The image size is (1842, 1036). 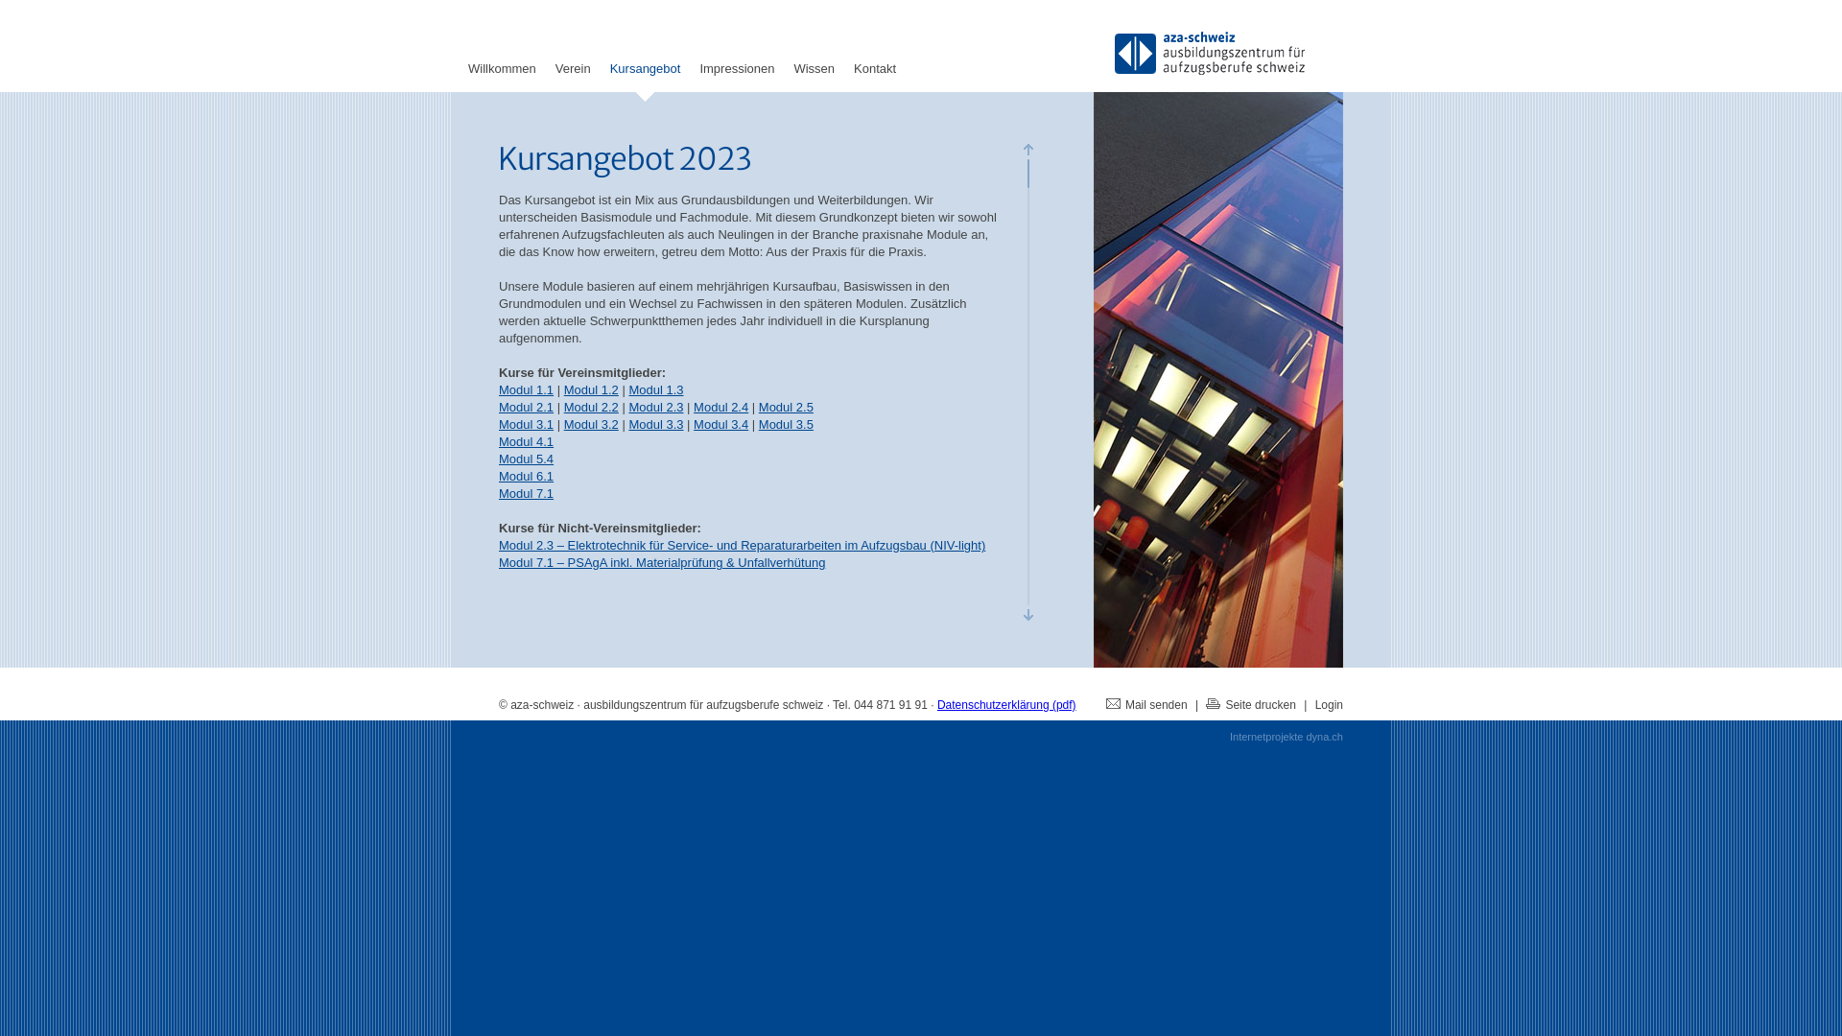 What do you see at coordinates (627, 406) in the screenshot?
I see `'Modul 2.3'` at bounding box center [627, 406].